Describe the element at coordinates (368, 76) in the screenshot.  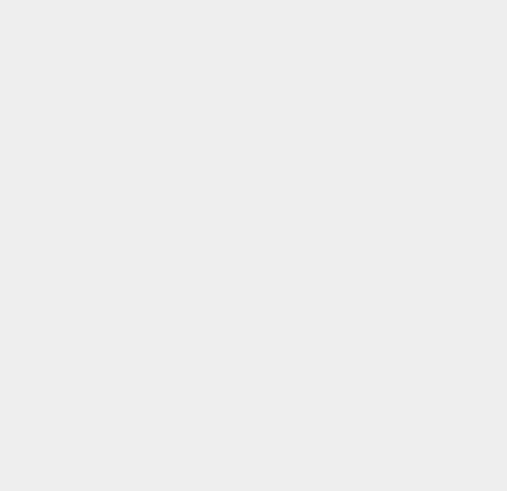
I see `'Unlock'` at that location.